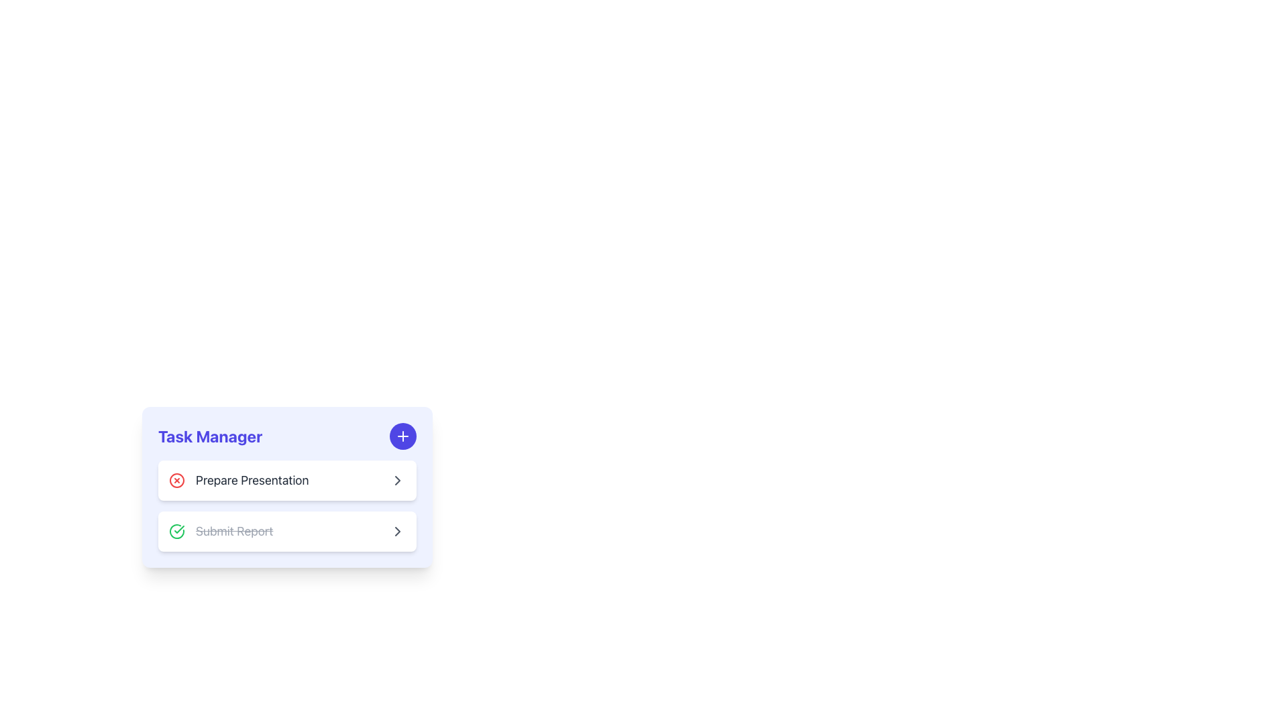  Describe the element at coordinates (397, 531) in the screenshot. I see `the chevron icon at the right end of the 'Prepare Presentation' list item in the 'Task Manager' card to emphasize navigation intention` at that location.